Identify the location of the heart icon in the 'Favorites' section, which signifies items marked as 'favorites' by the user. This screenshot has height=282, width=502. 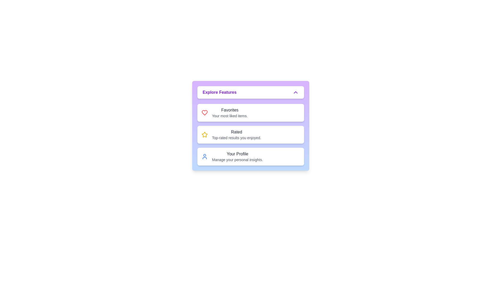
(204, 113).